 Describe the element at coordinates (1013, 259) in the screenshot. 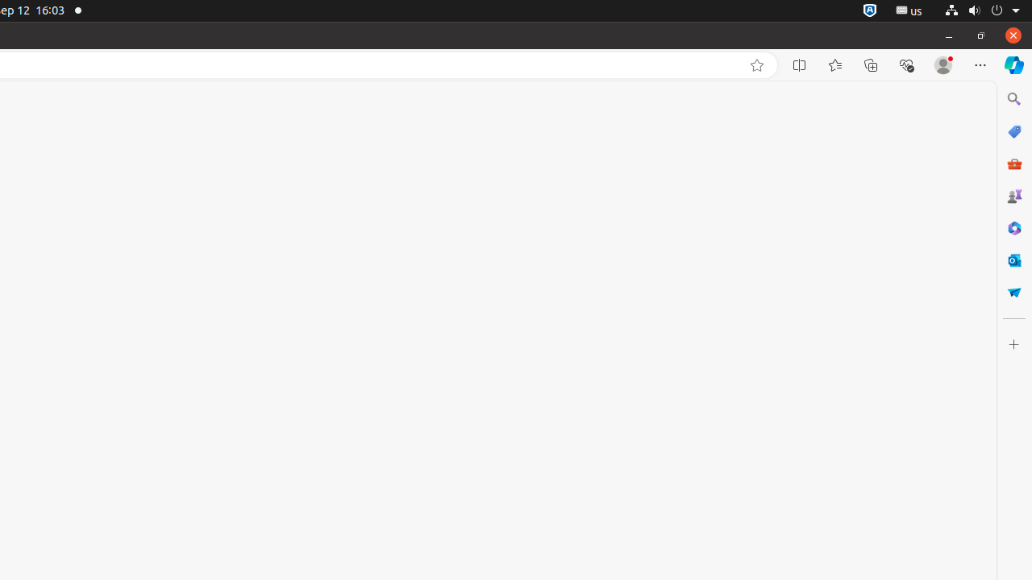

I see `'Outlook'` at that location.